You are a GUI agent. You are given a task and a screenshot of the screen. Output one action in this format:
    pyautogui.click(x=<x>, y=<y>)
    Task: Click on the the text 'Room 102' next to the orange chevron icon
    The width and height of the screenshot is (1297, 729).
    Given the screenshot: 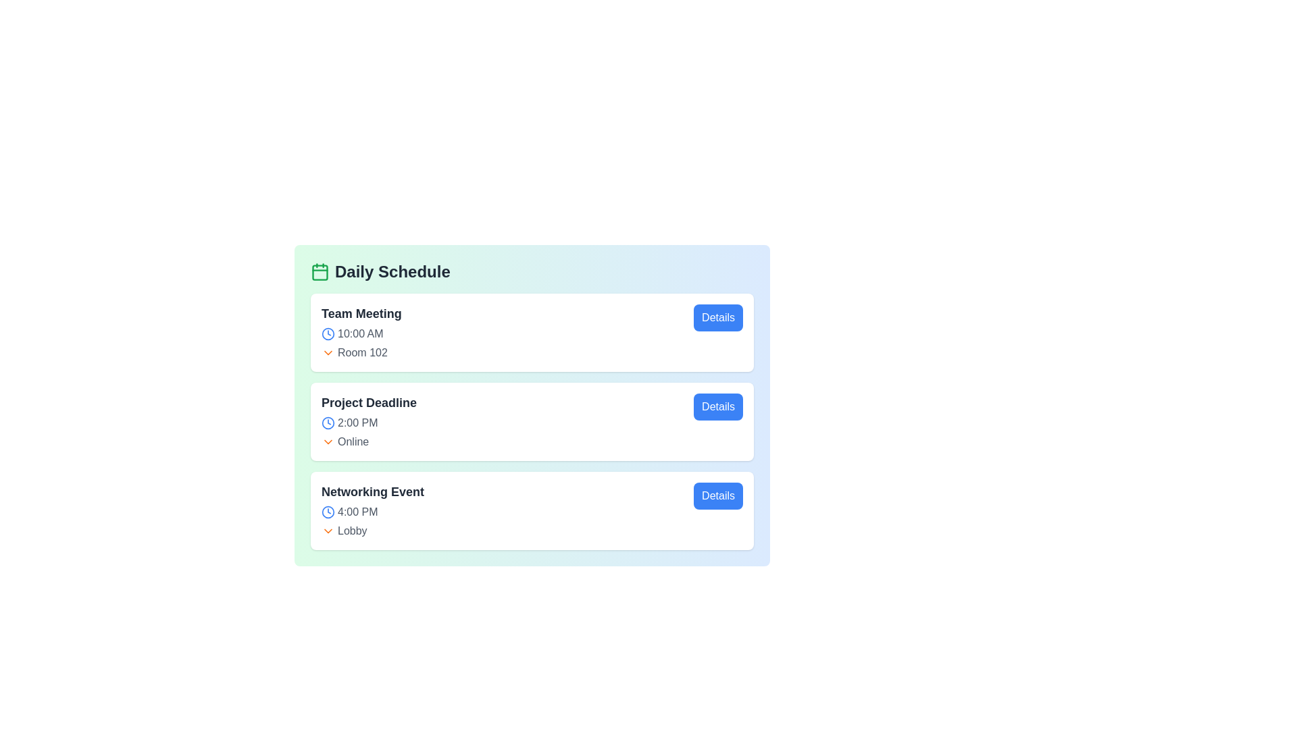 What is the action you would take?
    pyautogui.click(x=361, y=352)
    